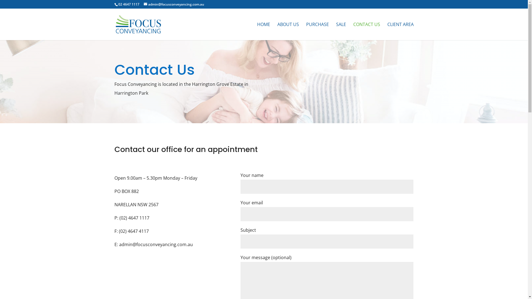  Describe the element at coordinates (366, 31) in the screenshot. I see `'CONTACT US'` at that location.